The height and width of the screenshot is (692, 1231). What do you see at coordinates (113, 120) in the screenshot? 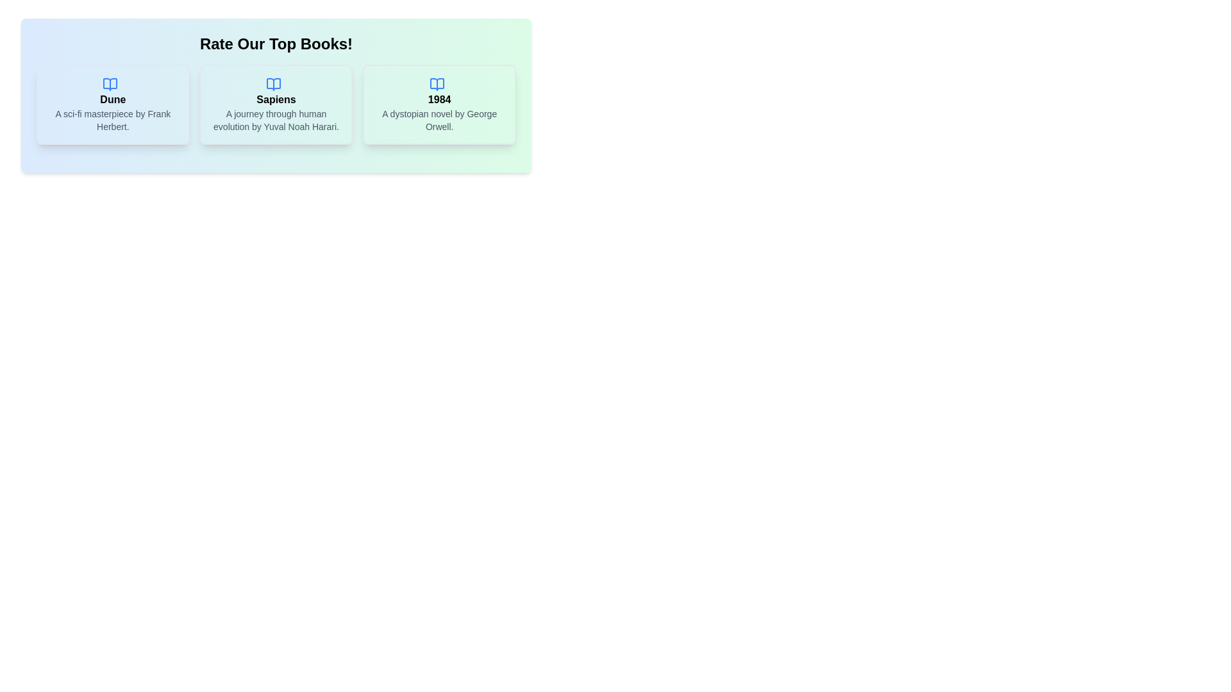
I see `the text label providing a brief description of the book 'Dune', located directly below the title within the leftmost card of the 'Rate Our Top Books!' panel` at bounding box center [113, 120].